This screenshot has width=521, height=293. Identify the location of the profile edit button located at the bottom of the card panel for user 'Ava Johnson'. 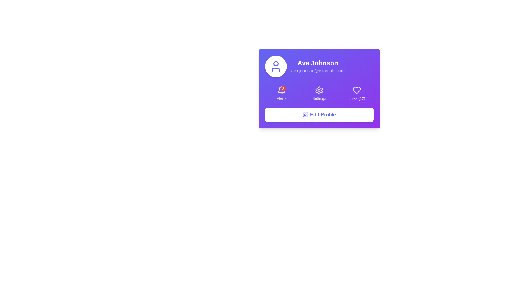
(319, 114).